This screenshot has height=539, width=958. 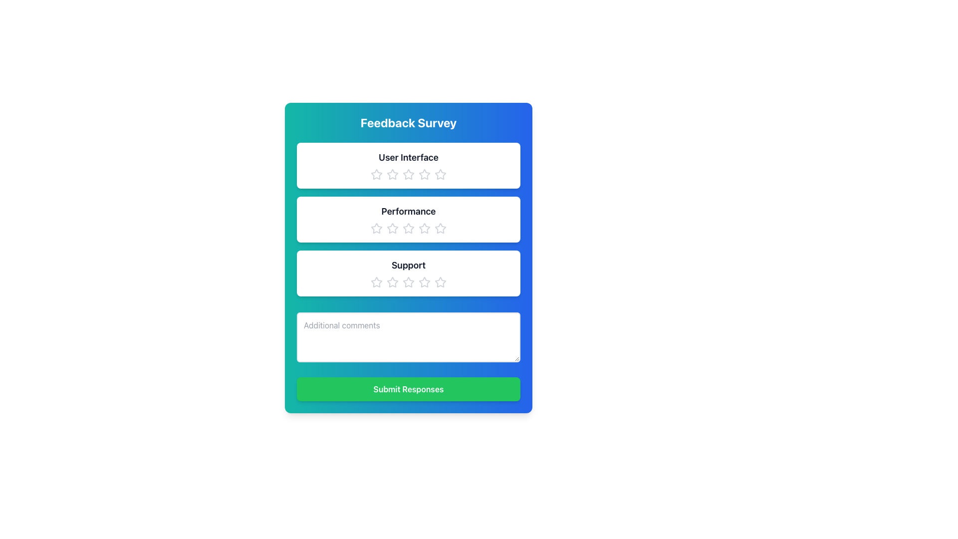 What do you see at coordinates (424, 174) in the screenshot?
I see `the third star icon in the row of five stars under the 'User Interface' section` at bounding box center [424, 174].